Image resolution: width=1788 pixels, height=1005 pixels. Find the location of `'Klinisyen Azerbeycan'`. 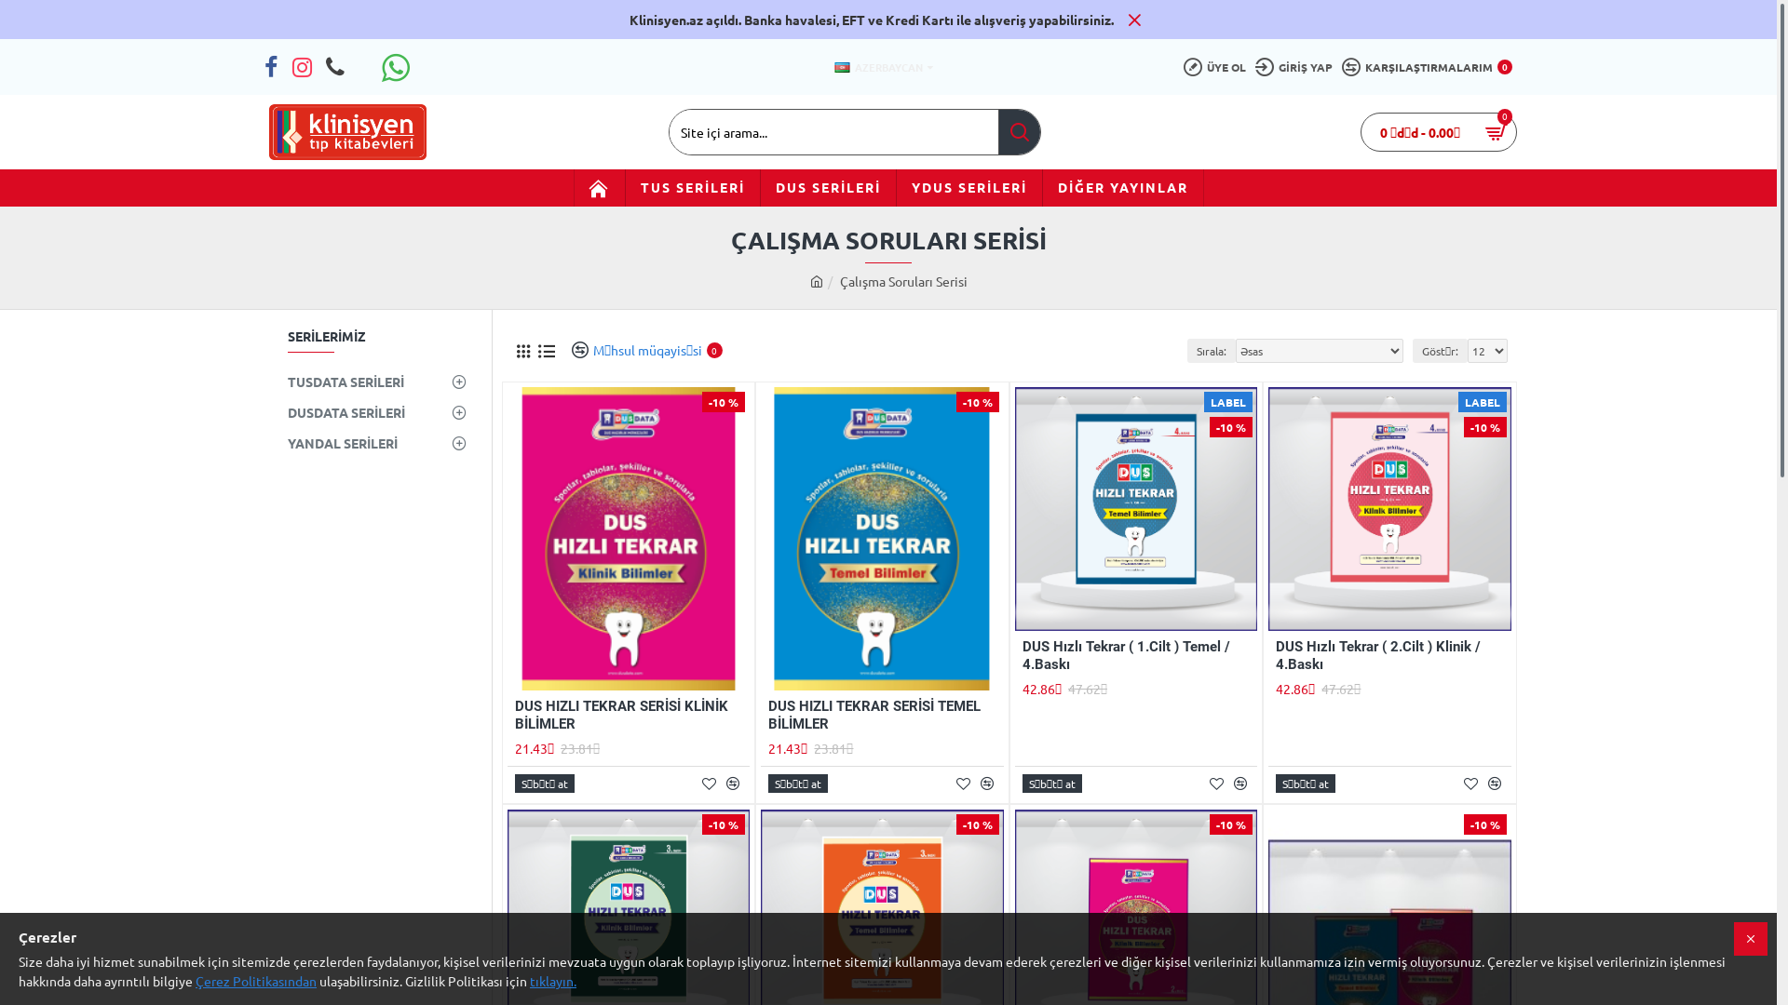

'Klinisyen Azerbeycan' is located at coordinates (347, 131).